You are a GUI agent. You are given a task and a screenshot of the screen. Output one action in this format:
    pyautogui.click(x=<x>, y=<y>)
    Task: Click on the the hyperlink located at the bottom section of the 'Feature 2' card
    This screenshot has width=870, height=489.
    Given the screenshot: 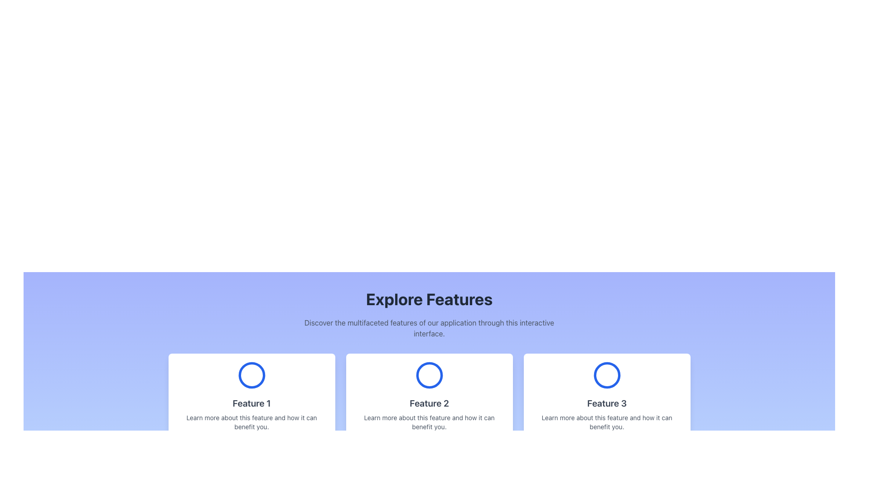 What is the action you would take?
    pyautogui.click(x=429, y=443)
    